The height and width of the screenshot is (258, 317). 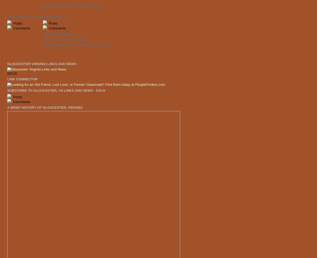 I want to click on 'Gloucester Virginia Links and News', so click(x=7, y=64).